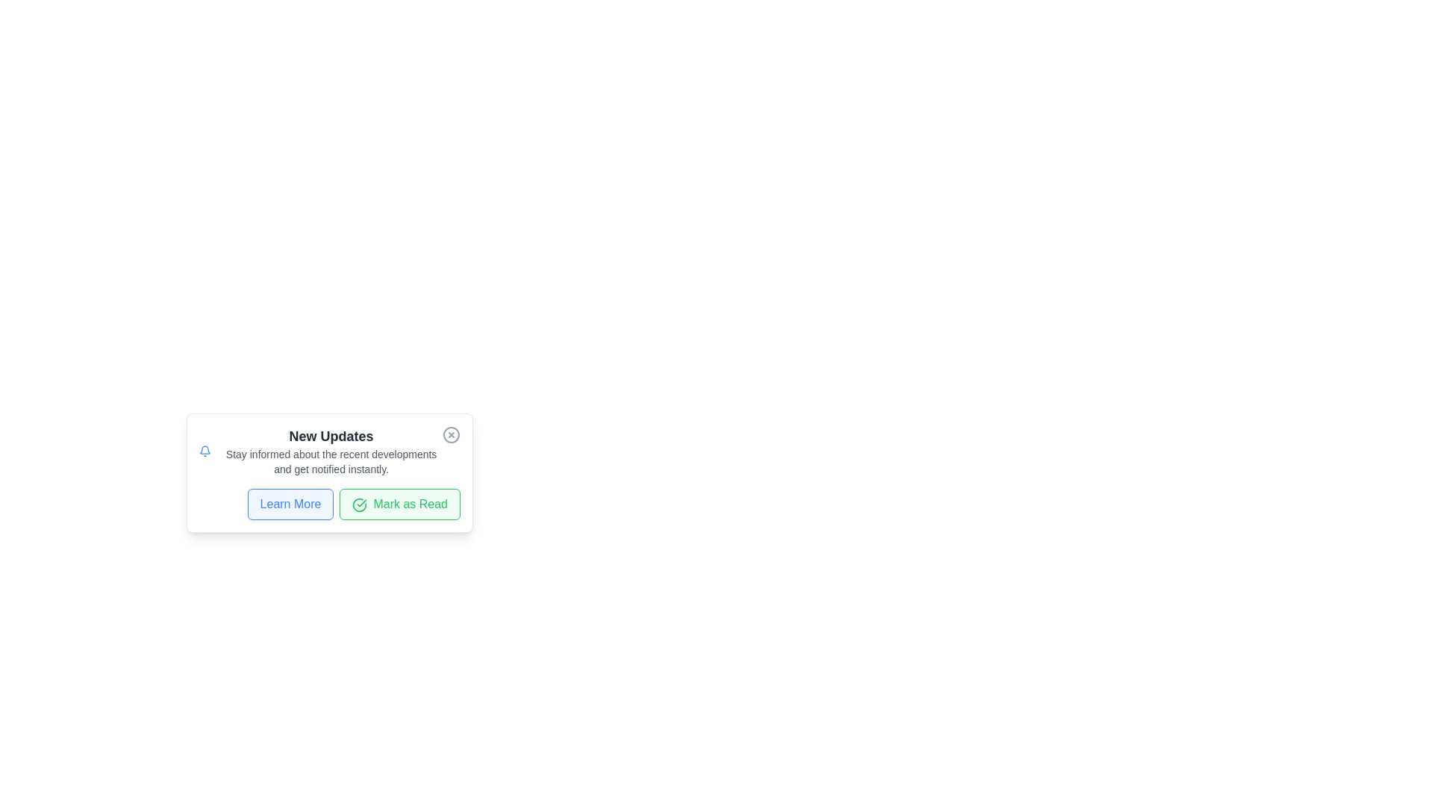 The image size is (1433, 806). I want to click on the 'Mark as Read' button located in the bottom-right corner of the 'New Updates' popup, positioned to the right of the 'Learn More' button for keyboard interaction, so click(400, 504).